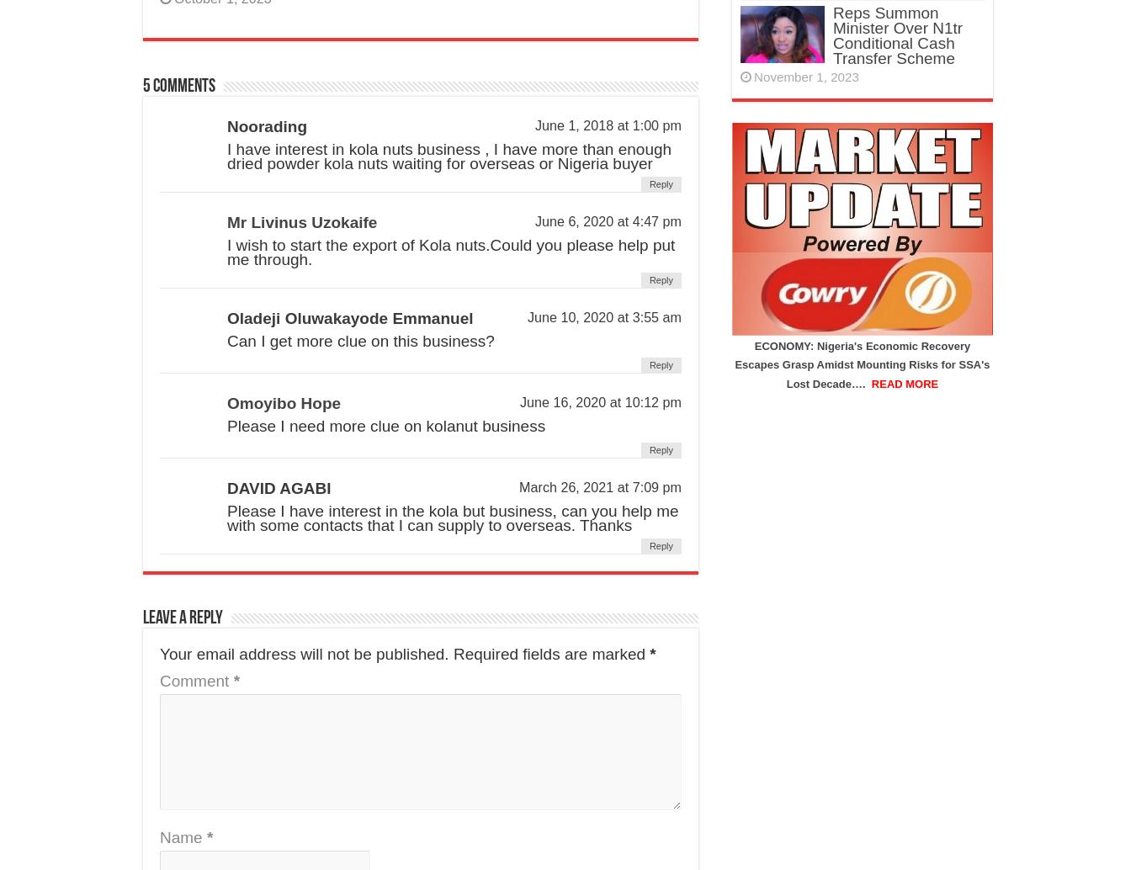  What do you see at coordinates (183, 618) in the screenshot?
I see `'Leave a Reply'` at bounding box center [183, 618].